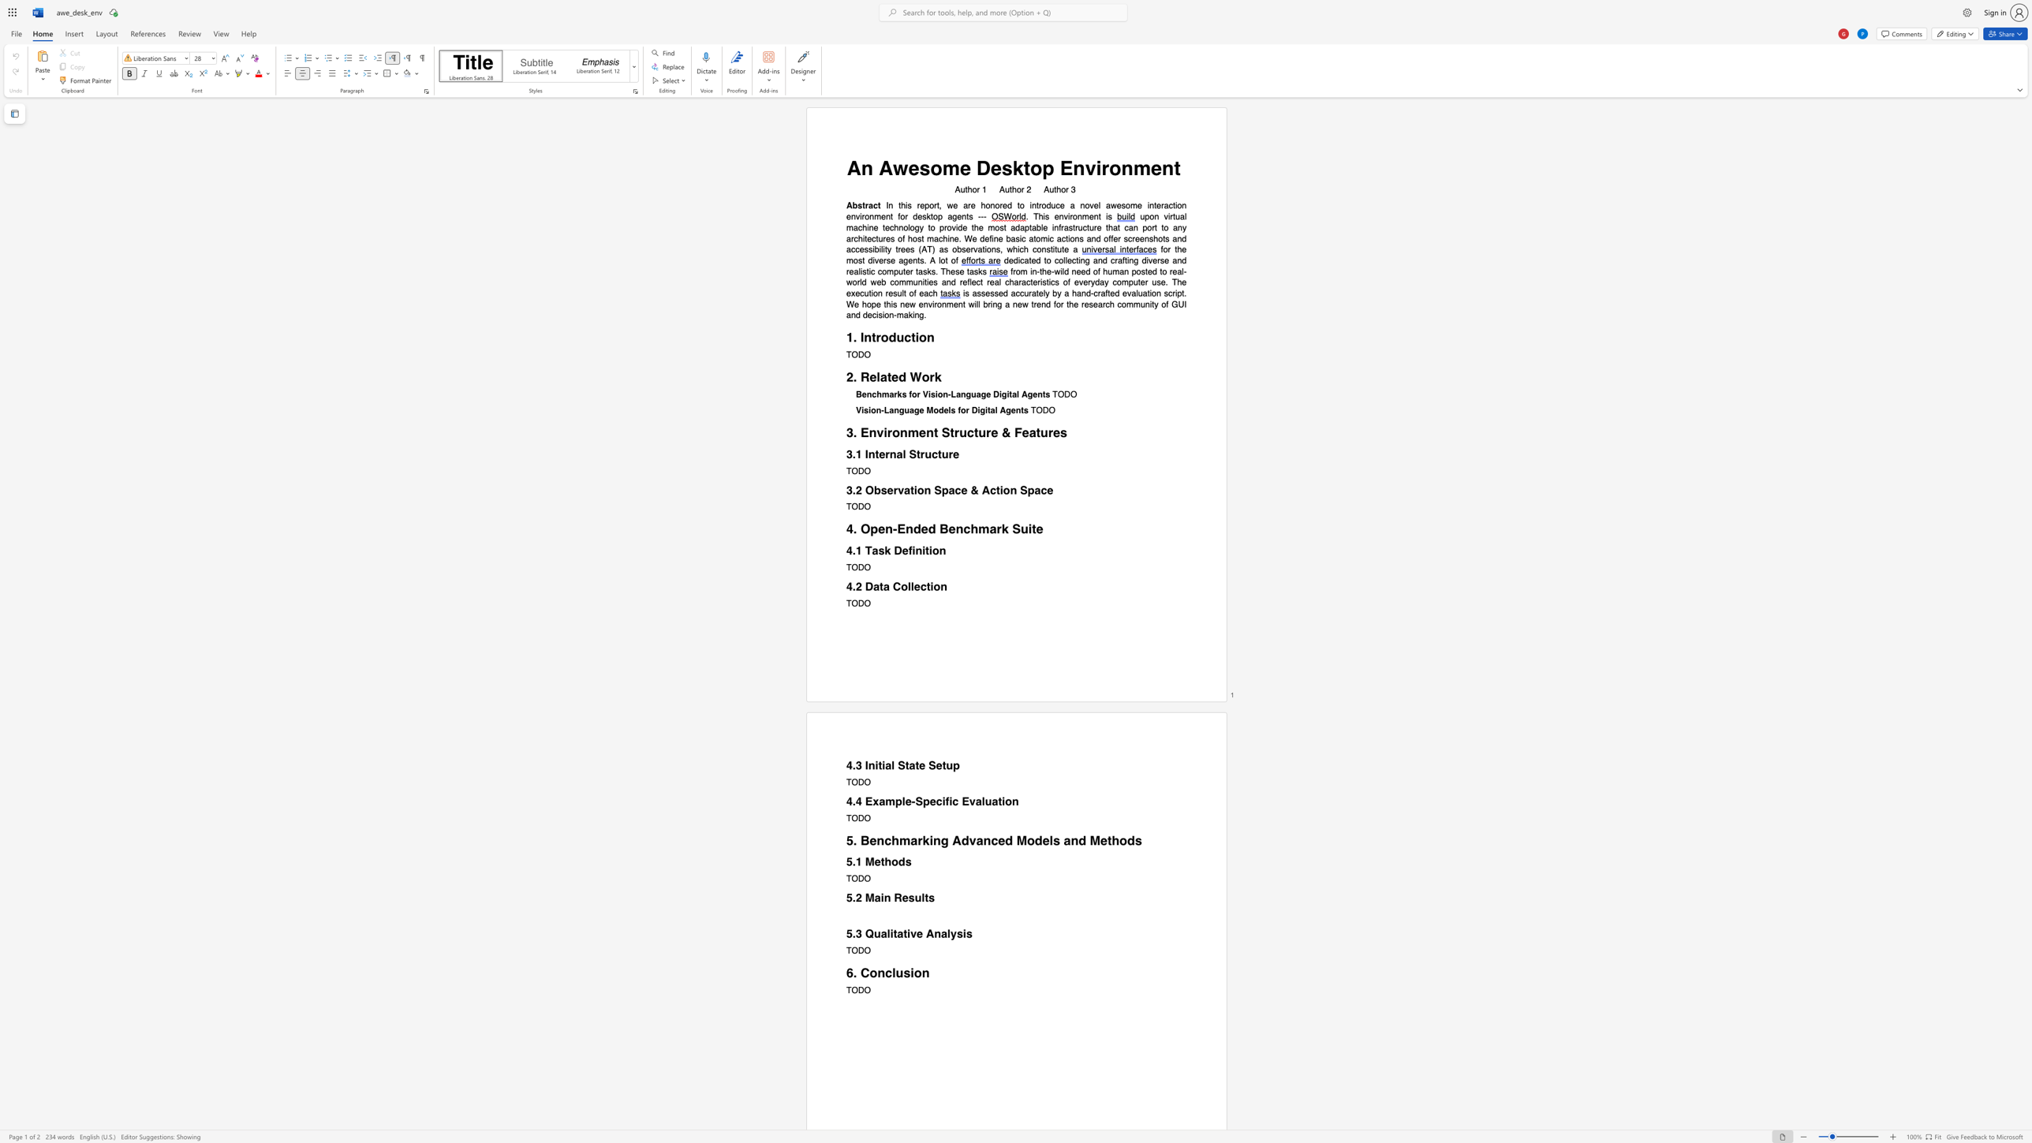  Describe the element at coordinates (1162, 249) in the screenshot. I see `the subset text "or the most diverse agents. A lo" within the text "for the most diverse agents. A lot of"` at that location.